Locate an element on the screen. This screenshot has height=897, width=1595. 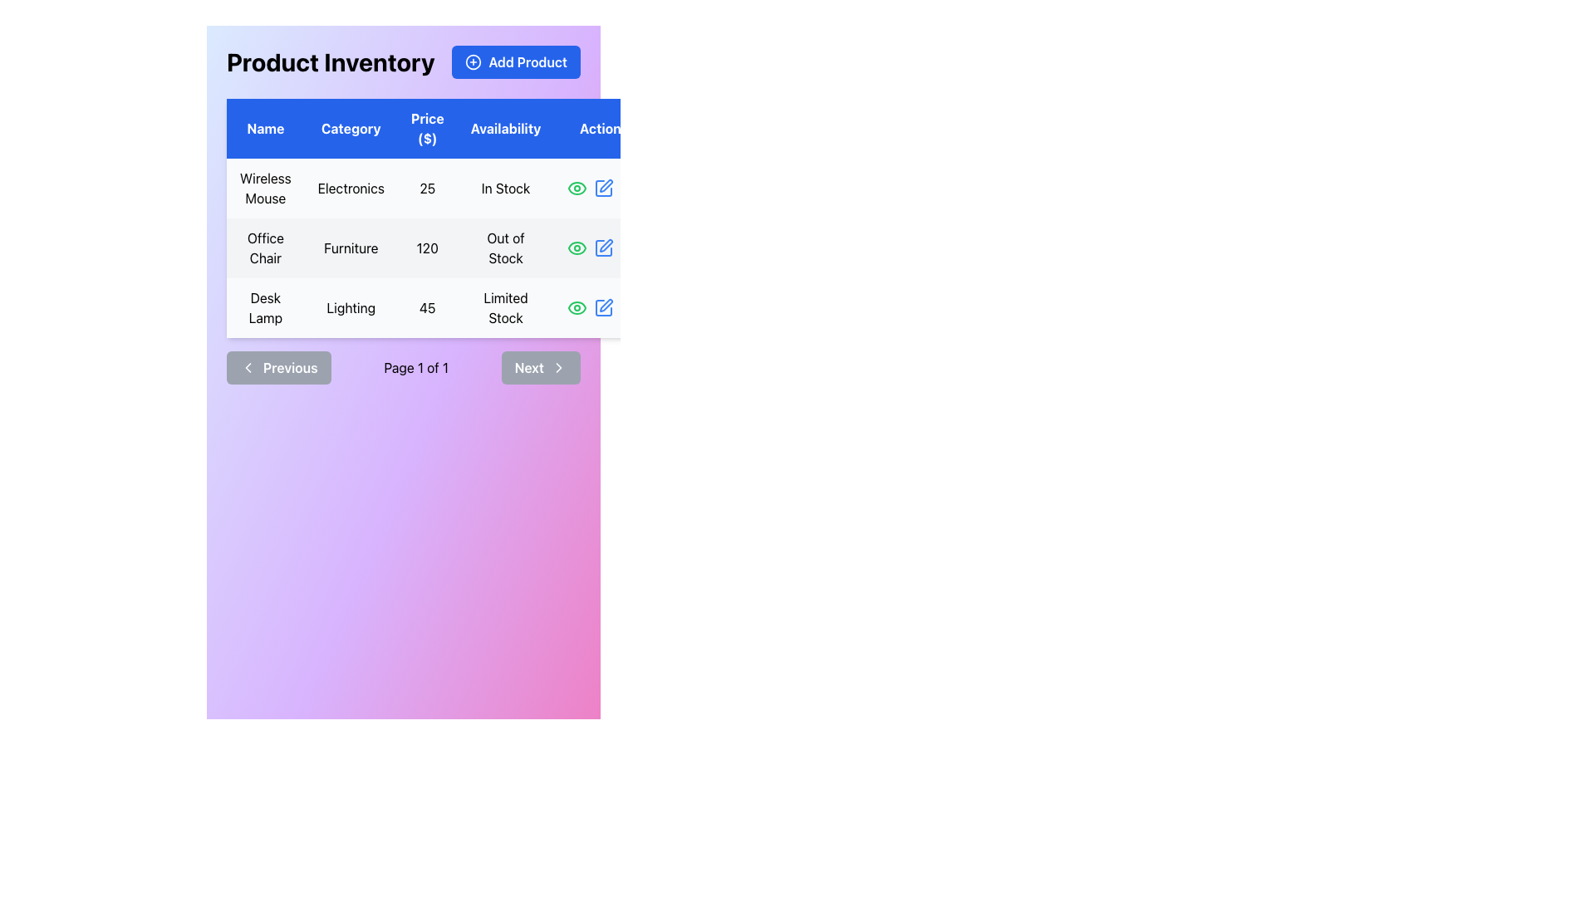
the edit icon in the 'Actions' column of the last row in the product table is located at coordinates (603, 307).